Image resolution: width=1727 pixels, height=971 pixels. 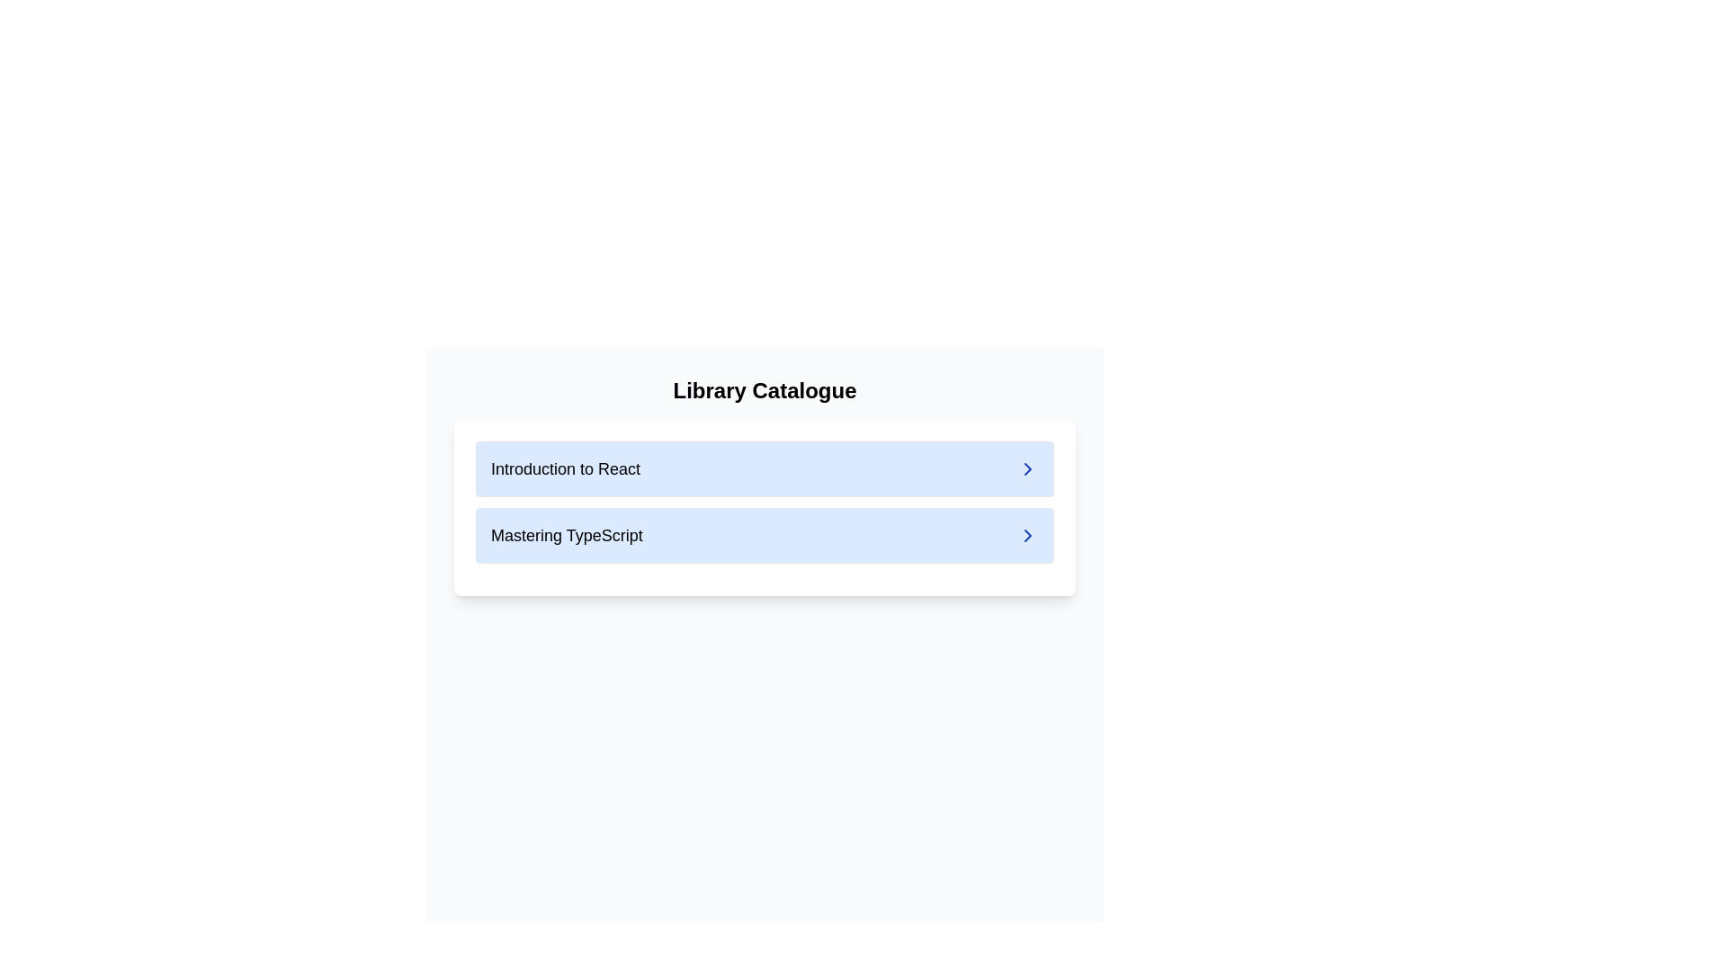 What do you see at coordinates (1027, 468) in the screenshot?
I see `the chevron arrow icon adjacent to the right edge of the 'Introduction to React' item` at bounding box center [1027, 468].